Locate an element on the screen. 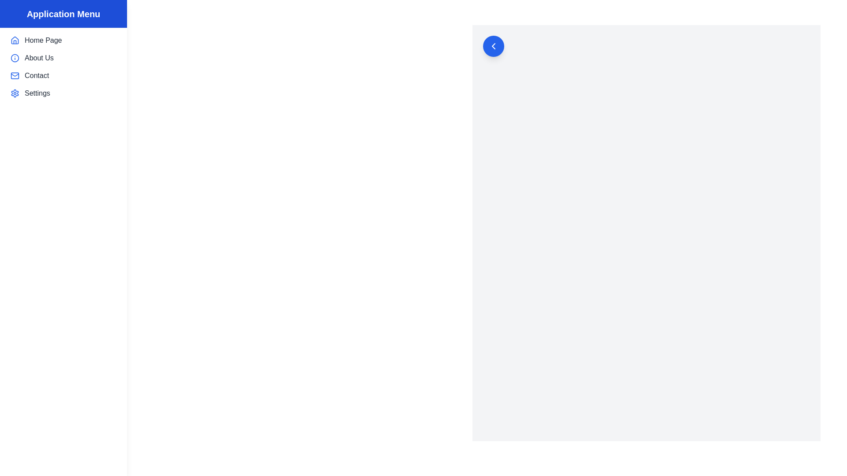 This screenshot has height=476, width=847. the left-pointing chevron icon representing the back navigation button, which is centrally located within a circular button with a blue background and white border, to trigger a tooltip or visual feedback is located at coordinates (493, 46).